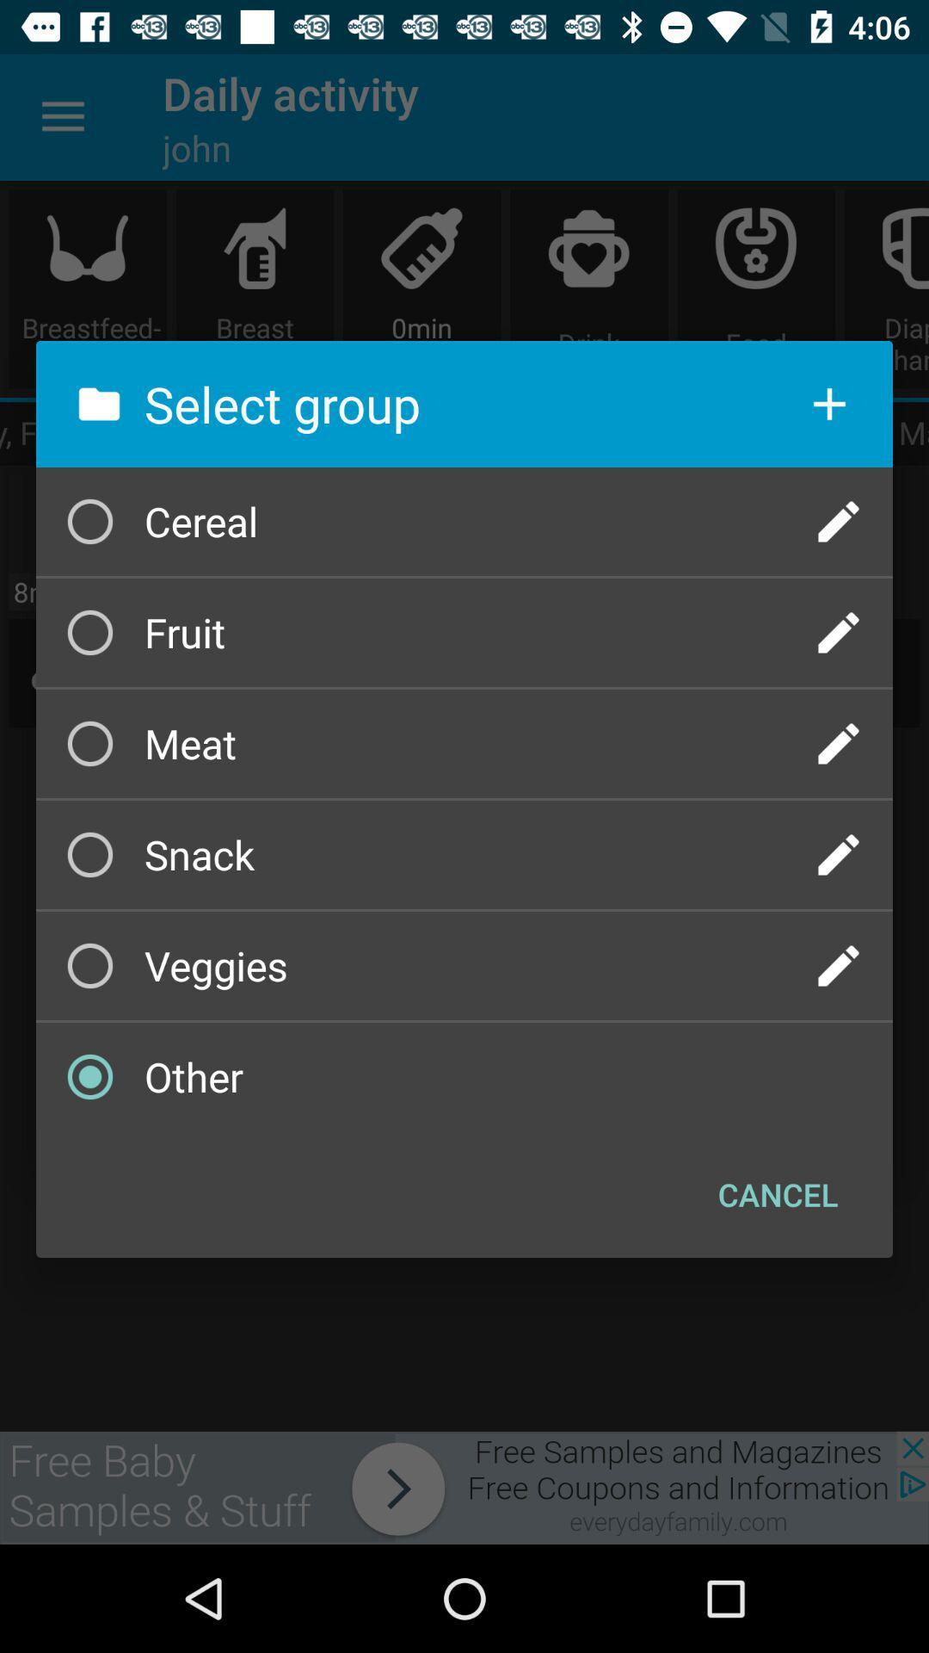 Image resolution: width=929 pixels, height=1653 pixels. Describe the element at coordinates (838, 855) in the screenshot. I see `edit` at that location.